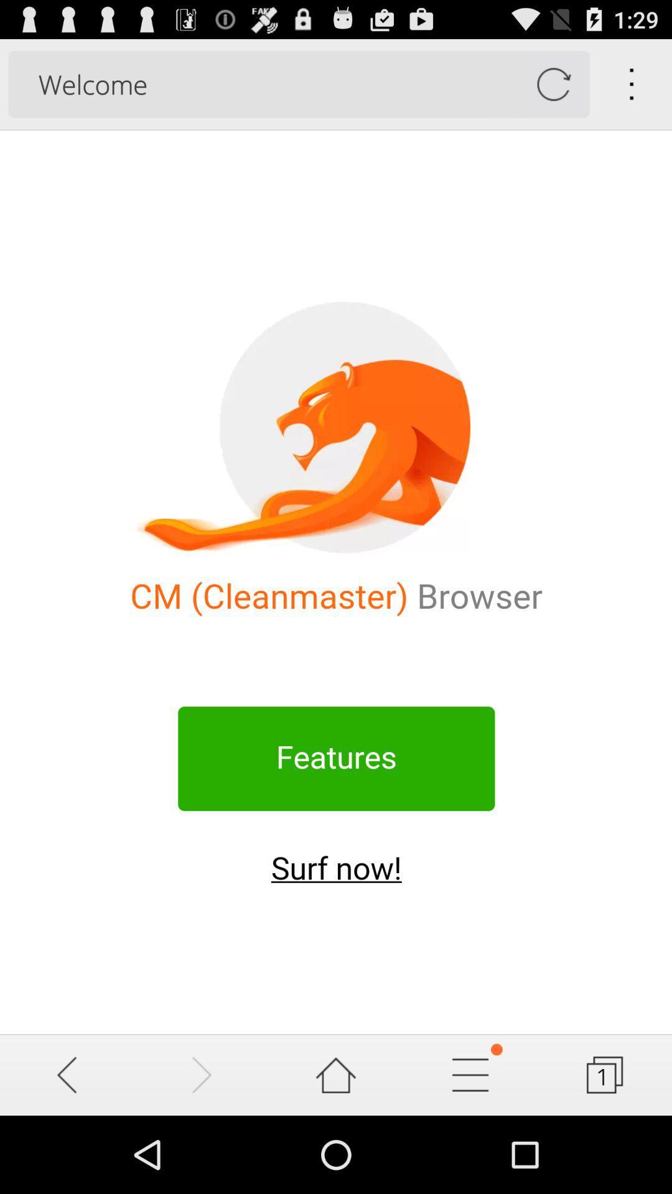  Describe the element at coordinates (470, 1074) in the screenshot. I see `open menu` at that location.